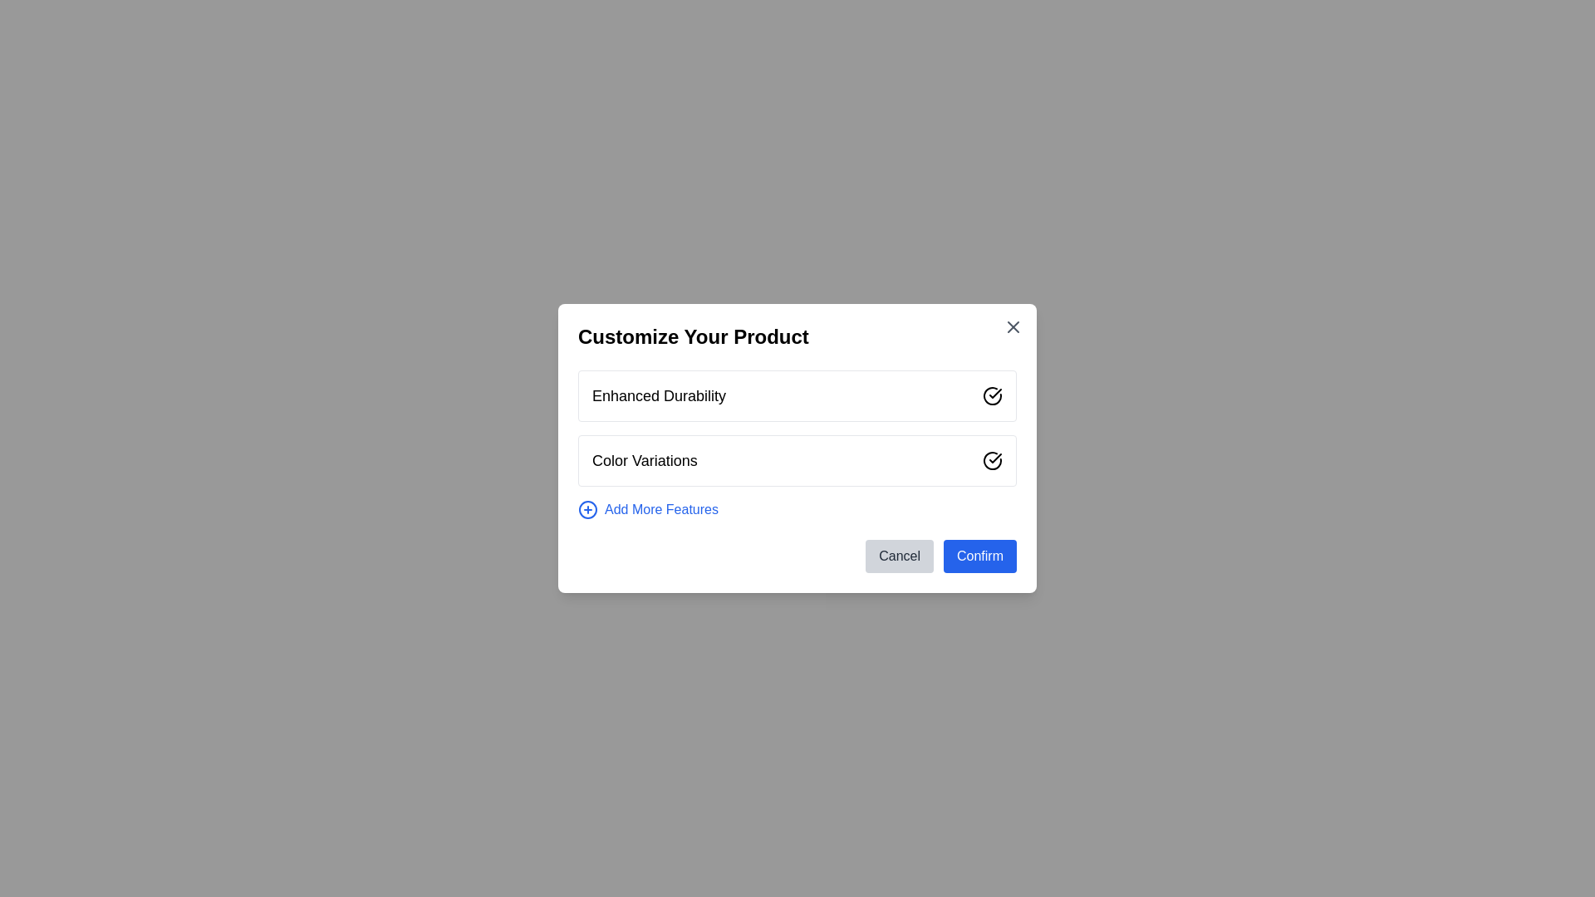 Image resolution: width=1595 pixels, height=897 pixels. I want to click on the 'Confirm' button located at the center of the modal dialog box used for customizing a product selections, so click(797, 448).